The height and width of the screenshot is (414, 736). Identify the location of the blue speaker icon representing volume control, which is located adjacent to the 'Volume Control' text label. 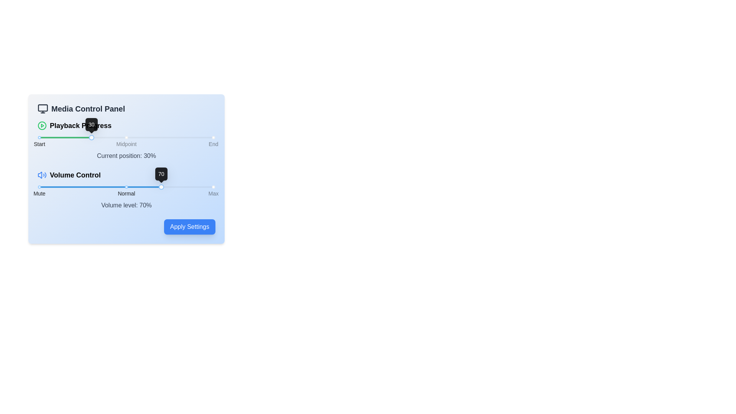
(42, 175).